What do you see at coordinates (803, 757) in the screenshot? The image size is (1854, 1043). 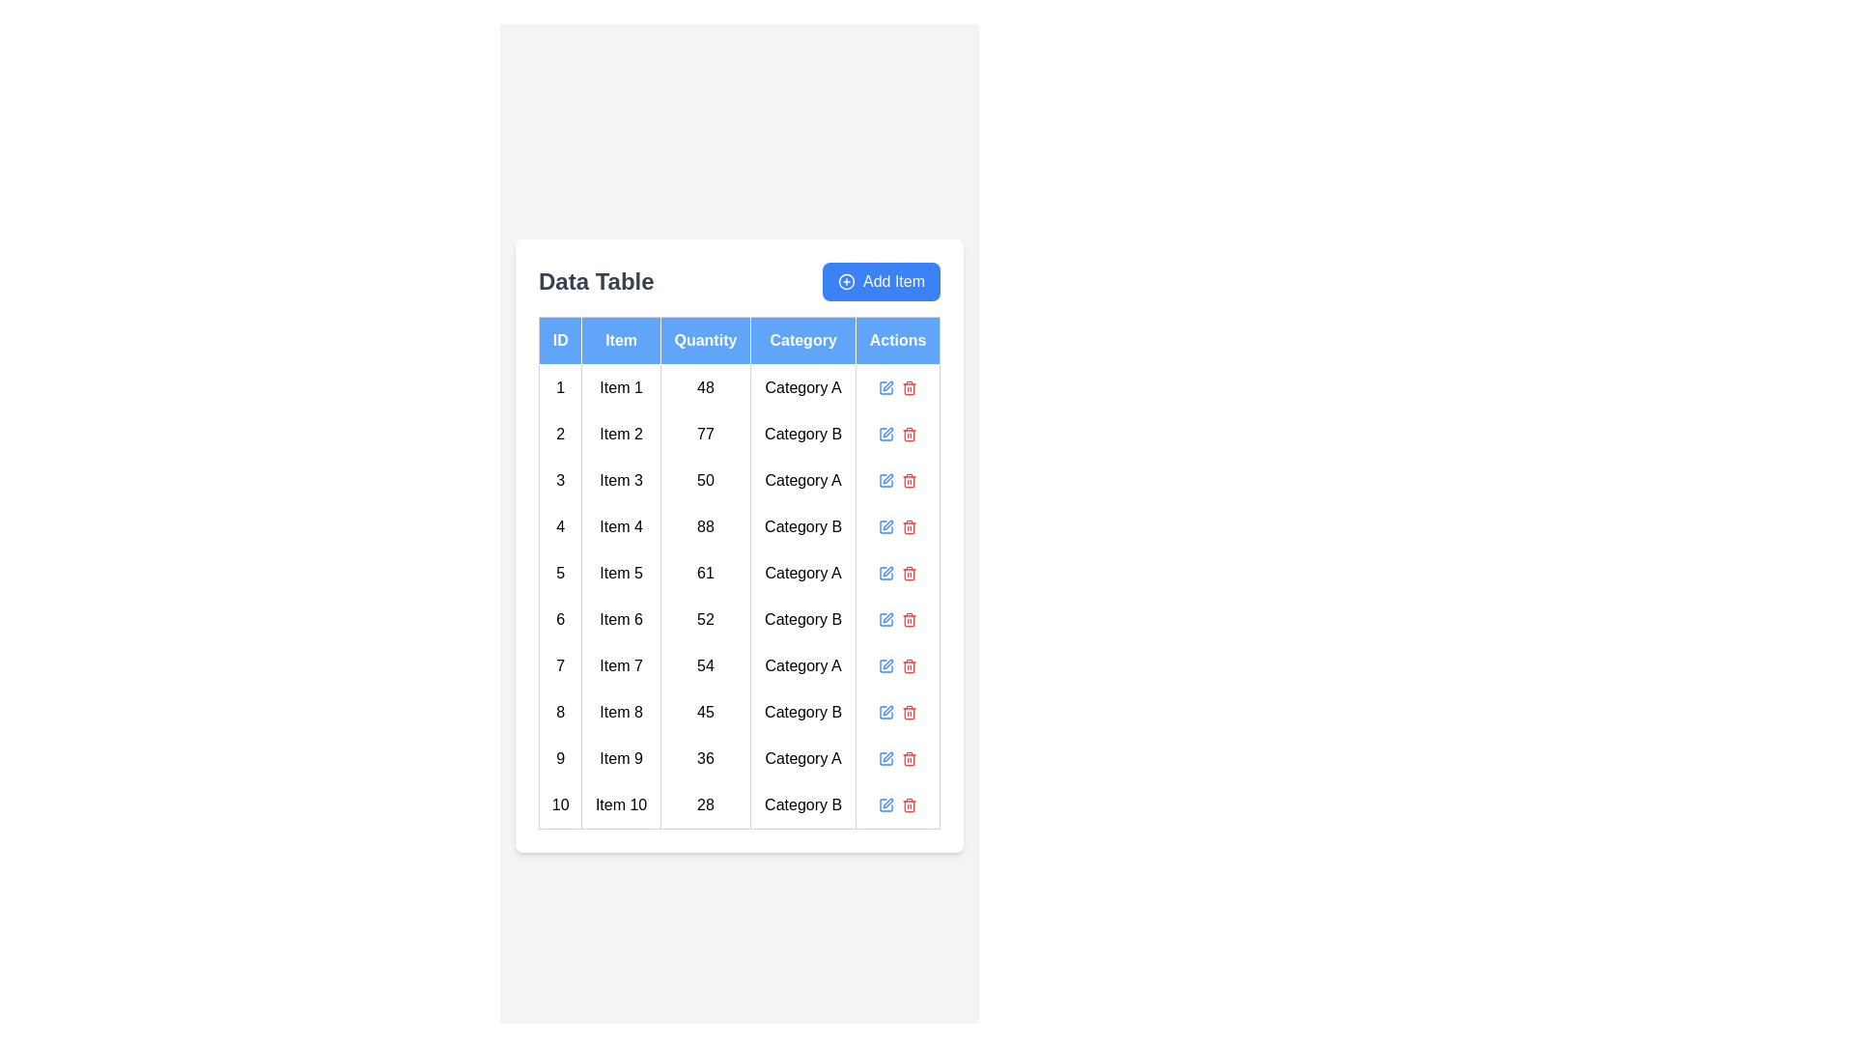 I see `the 'Category A' text label located in the last row of the table corresponding to 'Item 9'` at bounding box center [803, 757].